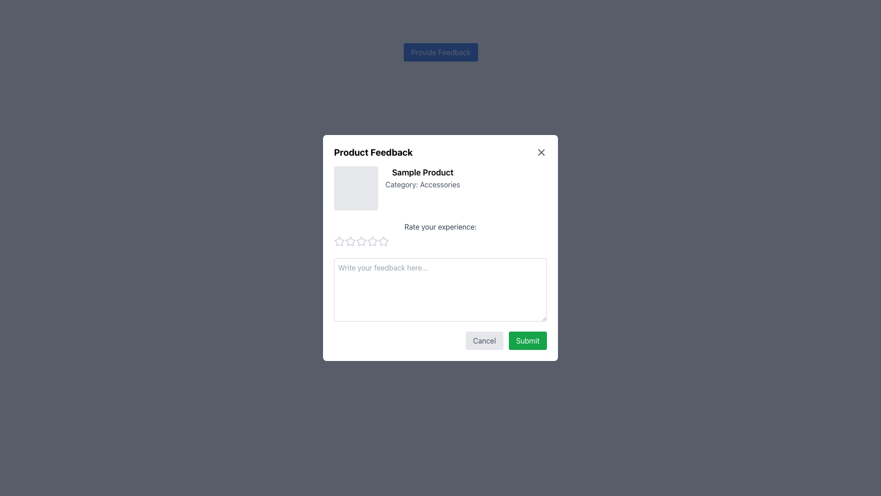  I want to click on the third star icon from the left in the group of five, located below the text 'Rate your experience:', so click(372, 241).